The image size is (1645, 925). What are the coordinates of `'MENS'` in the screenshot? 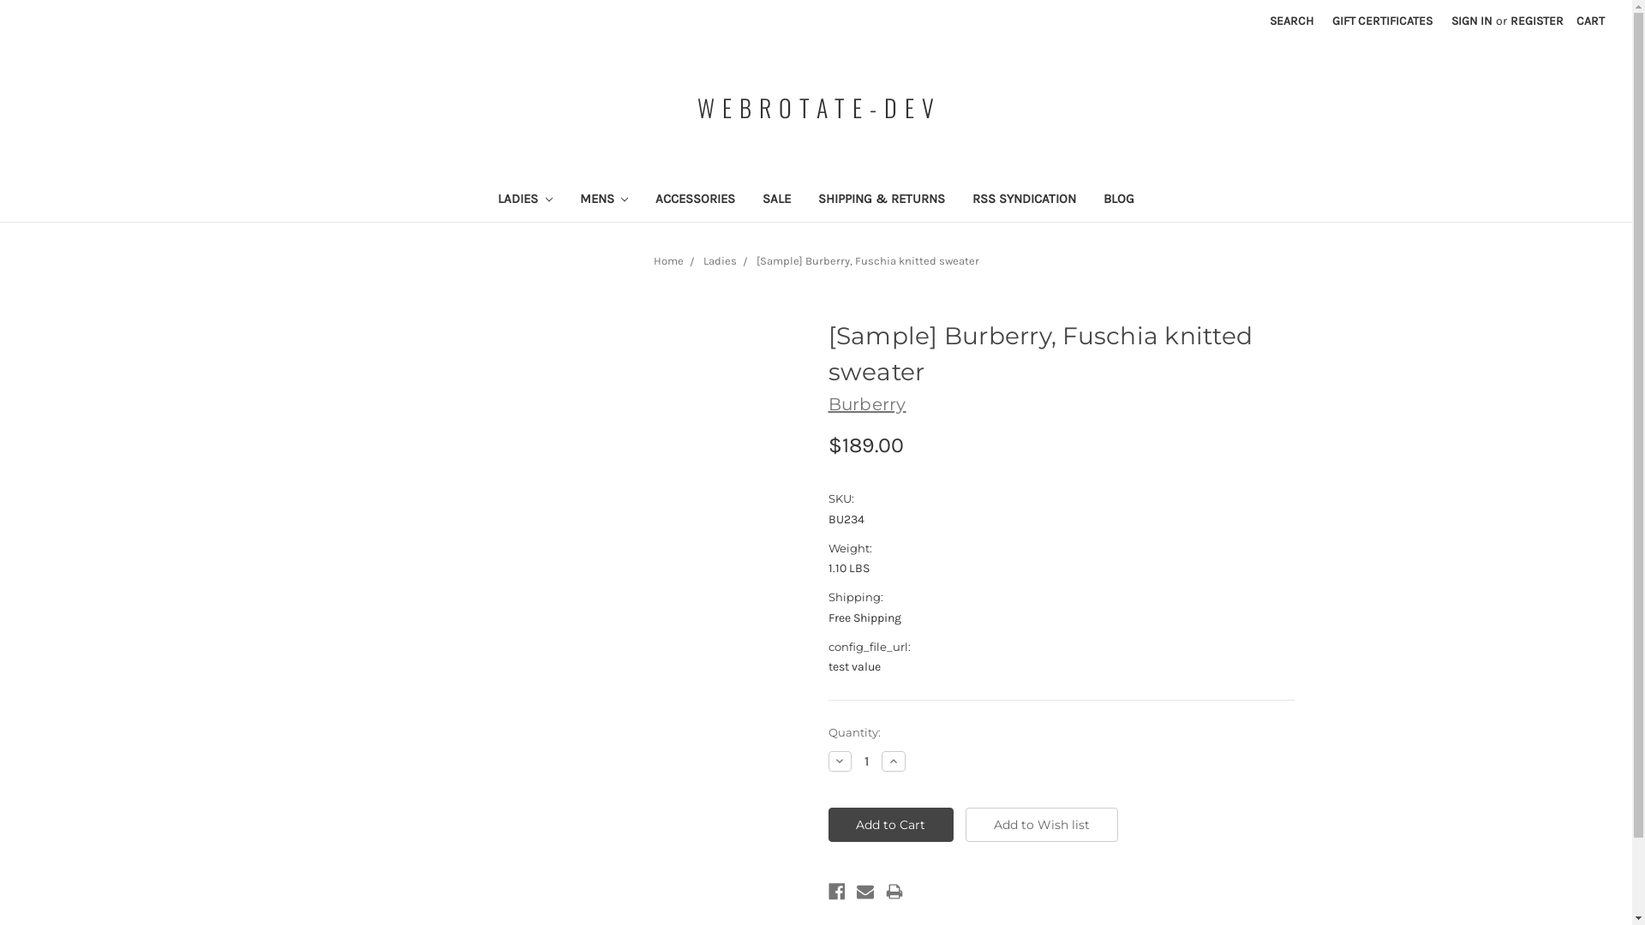 It's located at (603, 200).